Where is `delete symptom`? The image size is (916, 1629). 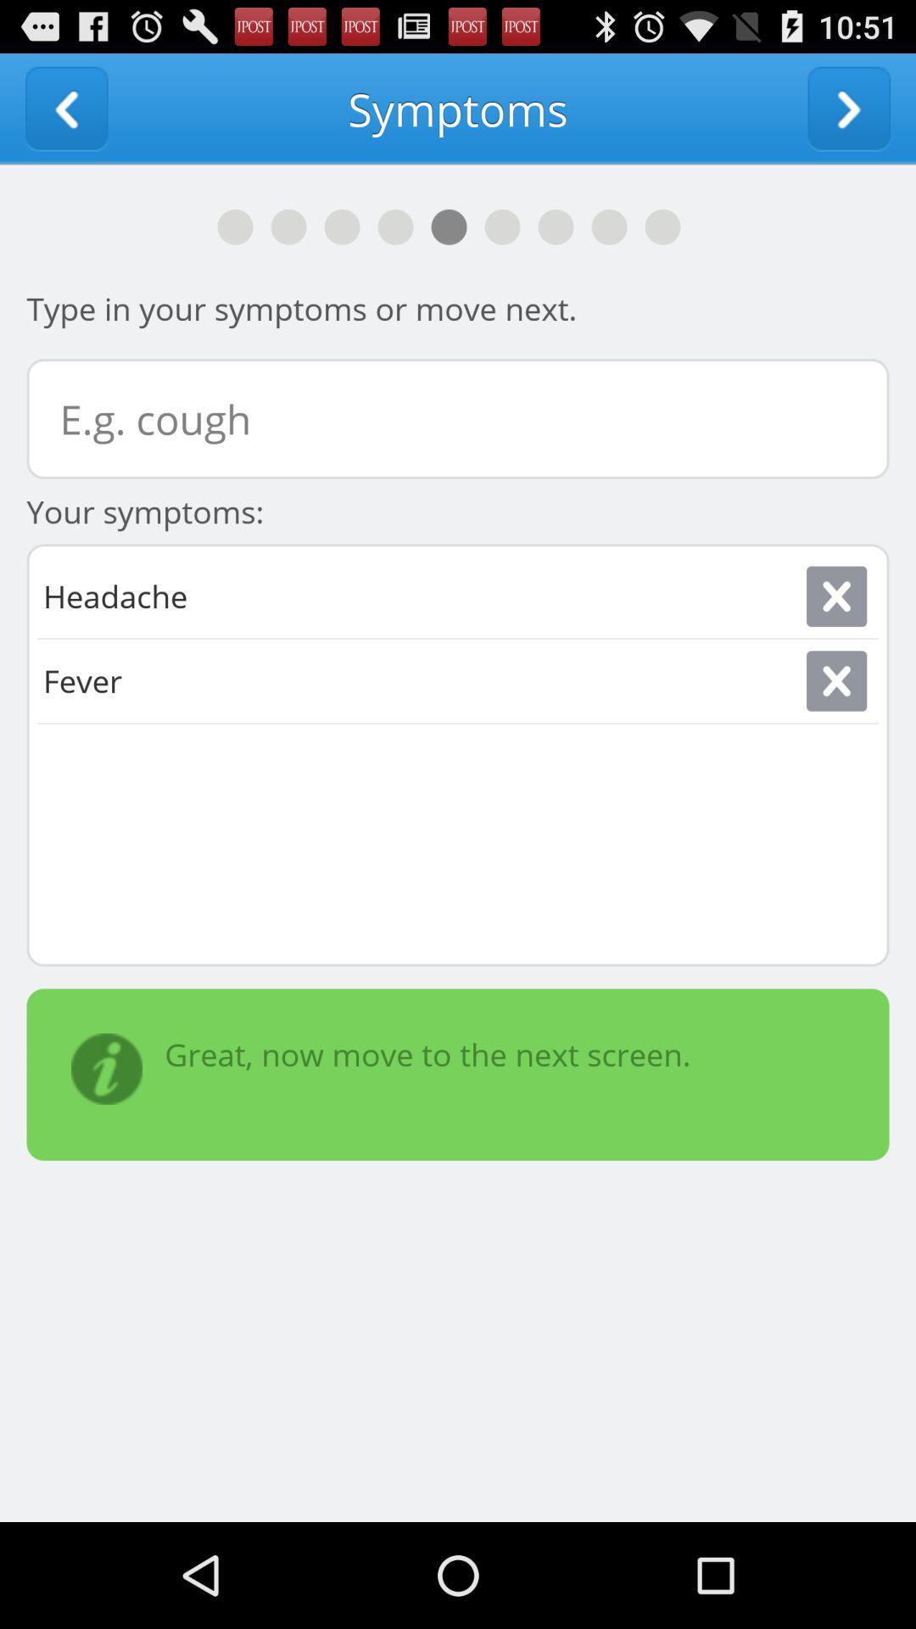
delete symptom is located at coordinates (835, 596).